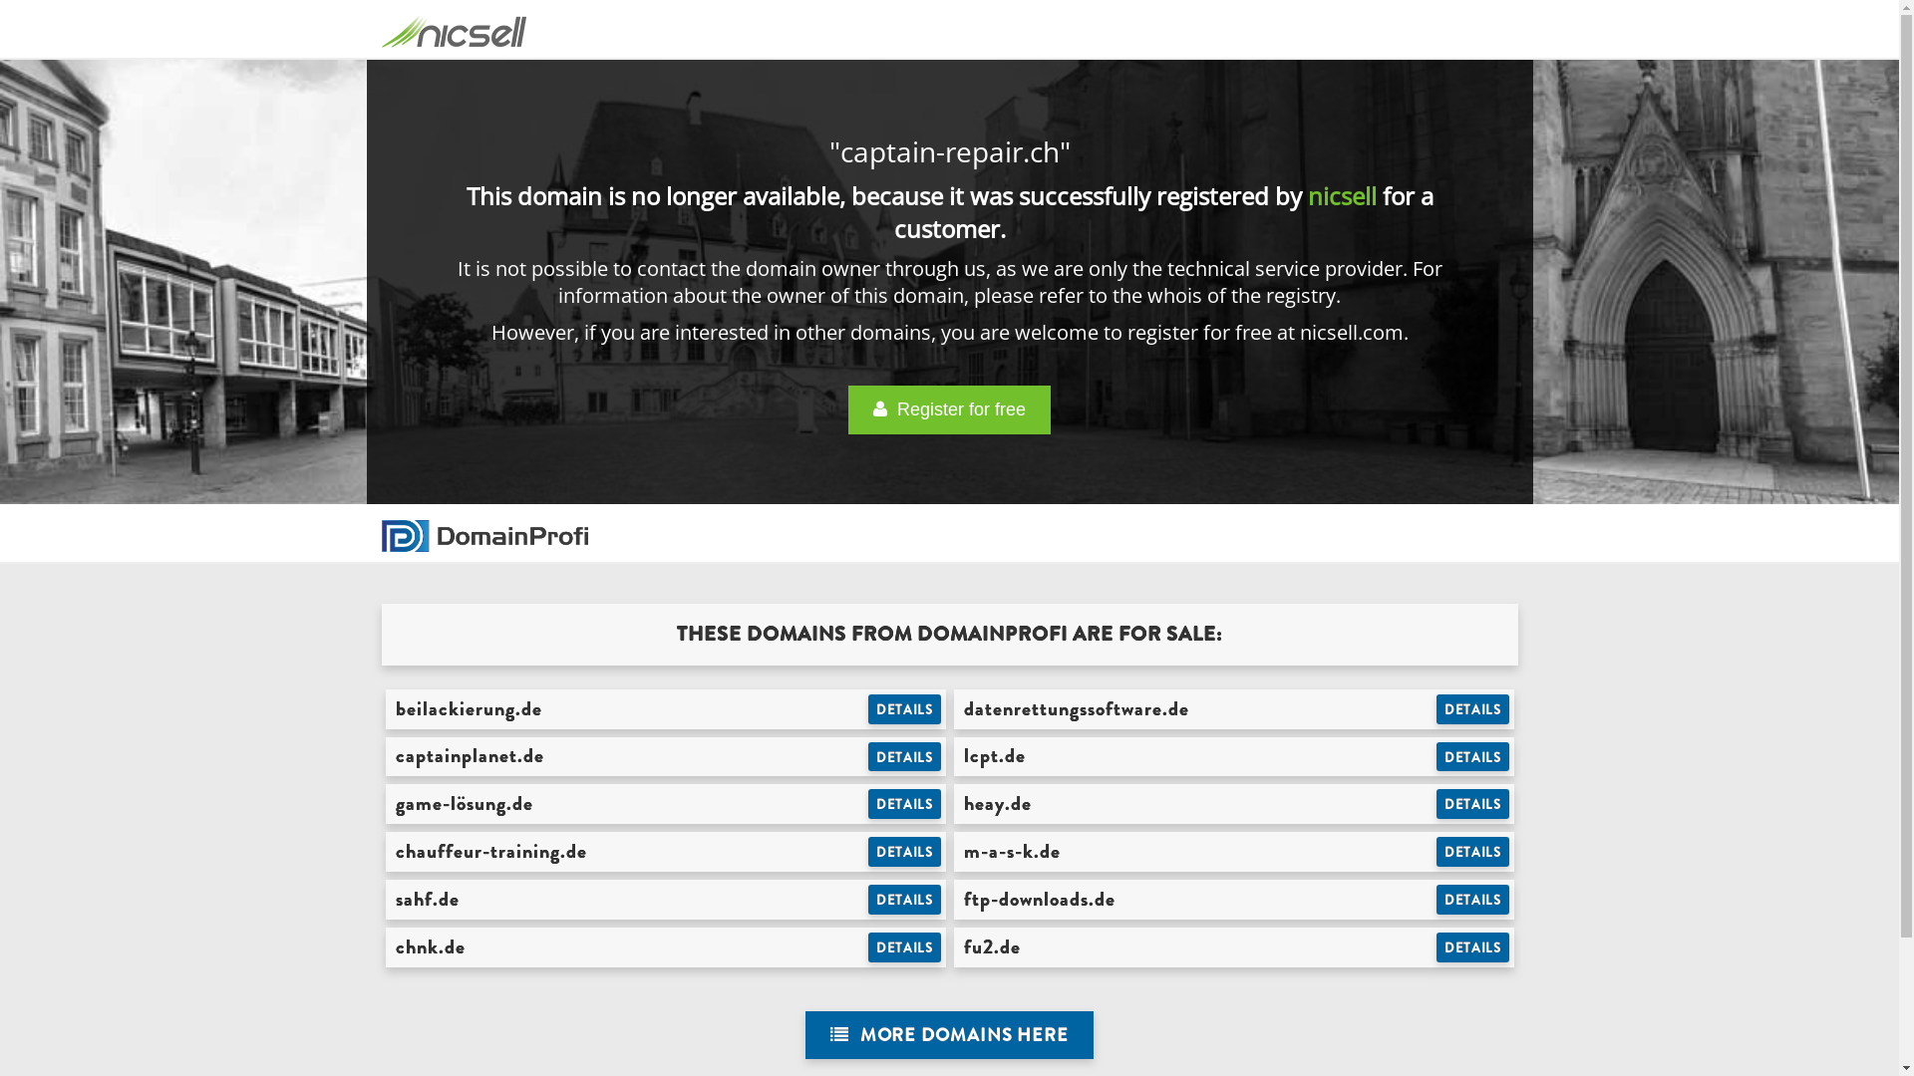 The image size is (1914, 1076). Describe the element at coordinates (903, 708) in the screenshot. I see `'DETAILS'` at that location.